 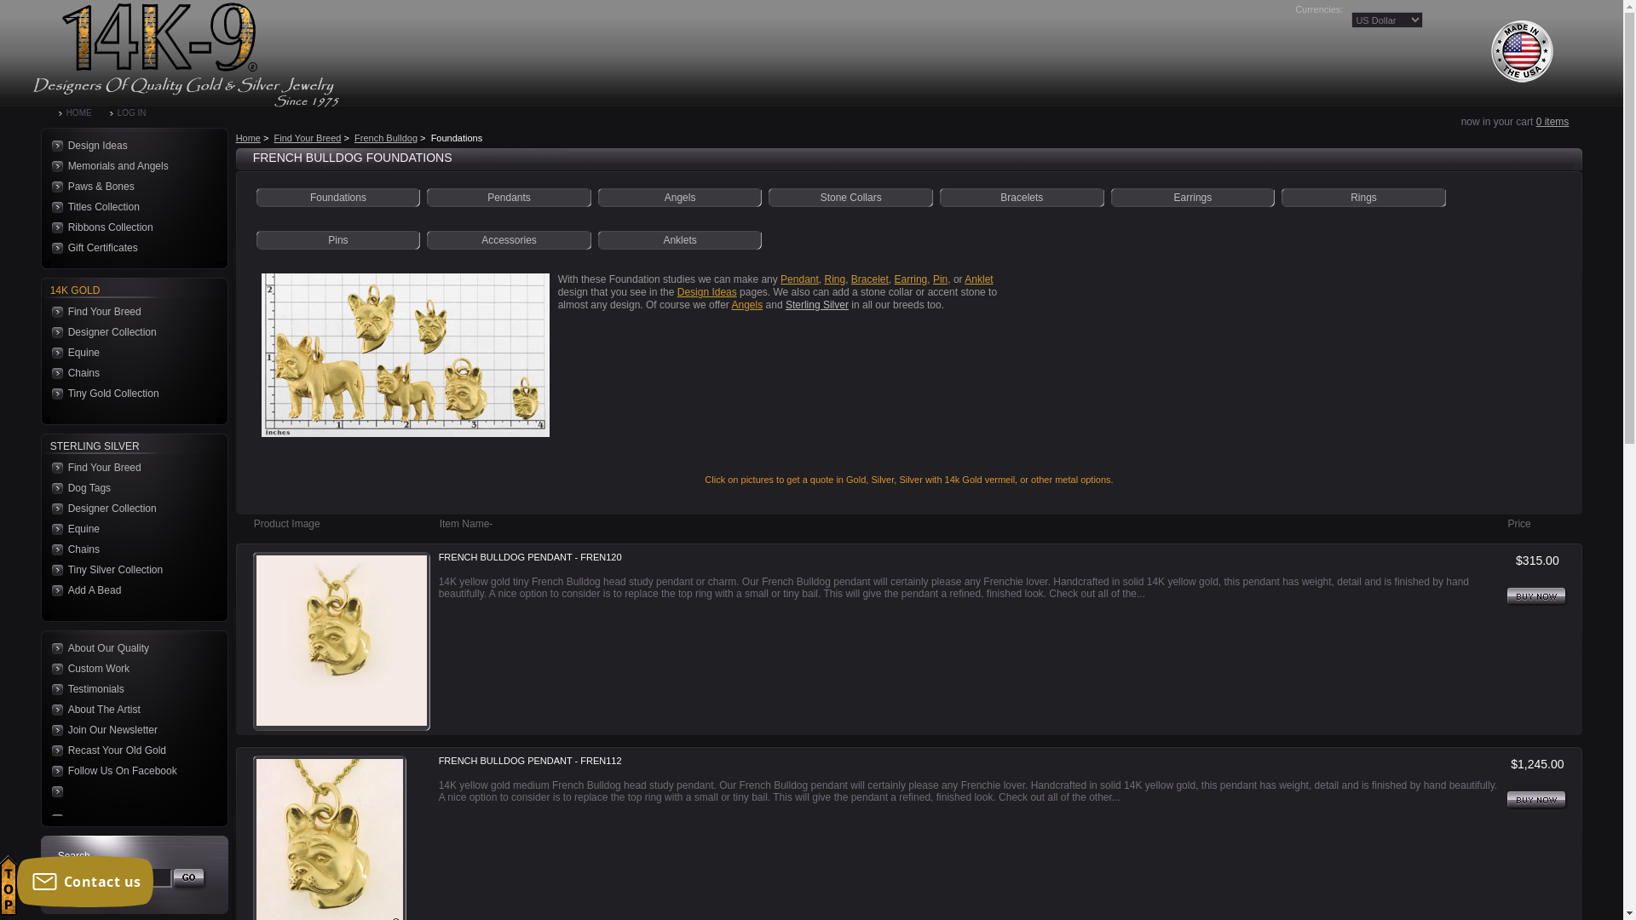 What do you see at coordinates (129, 312) in the screenshot?
I see `'Find Your Breed'` at bounding box center [129, 312].